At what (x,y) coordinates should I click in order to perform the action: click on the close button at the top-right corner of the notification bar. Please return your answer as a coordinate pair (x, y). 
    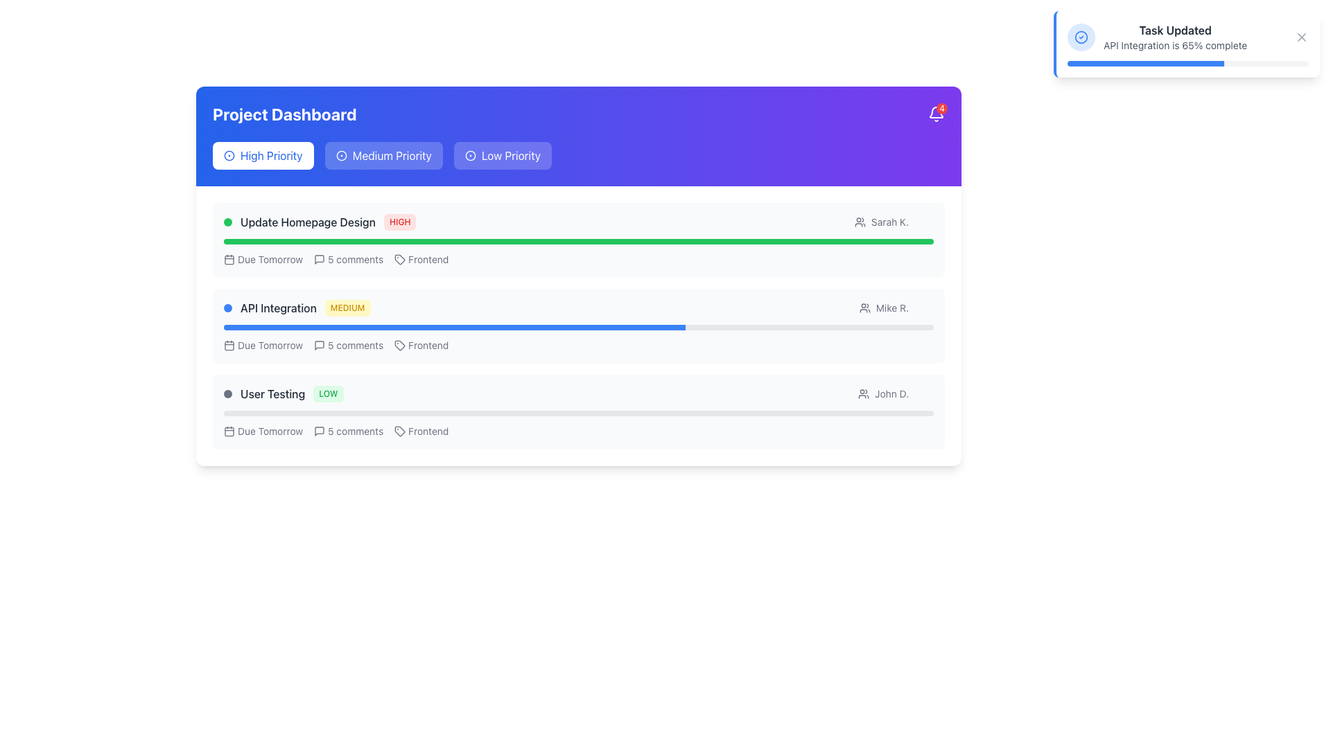
    Looking at the image, I should click on (1300, 37).